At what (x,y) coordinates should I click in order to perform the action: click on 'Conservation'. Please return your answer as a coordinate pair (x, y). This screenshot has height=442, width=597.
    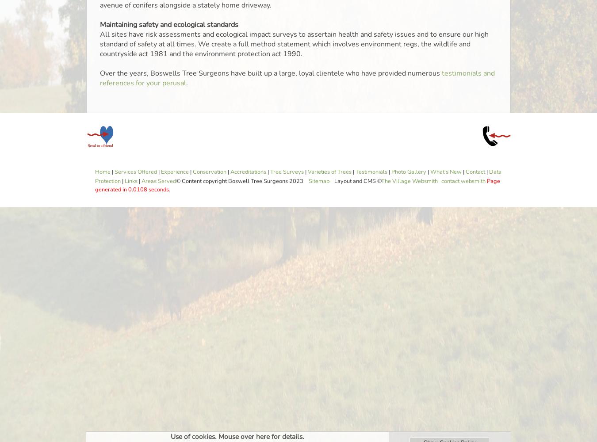
    Looking at the image, I should click on (209, 172).